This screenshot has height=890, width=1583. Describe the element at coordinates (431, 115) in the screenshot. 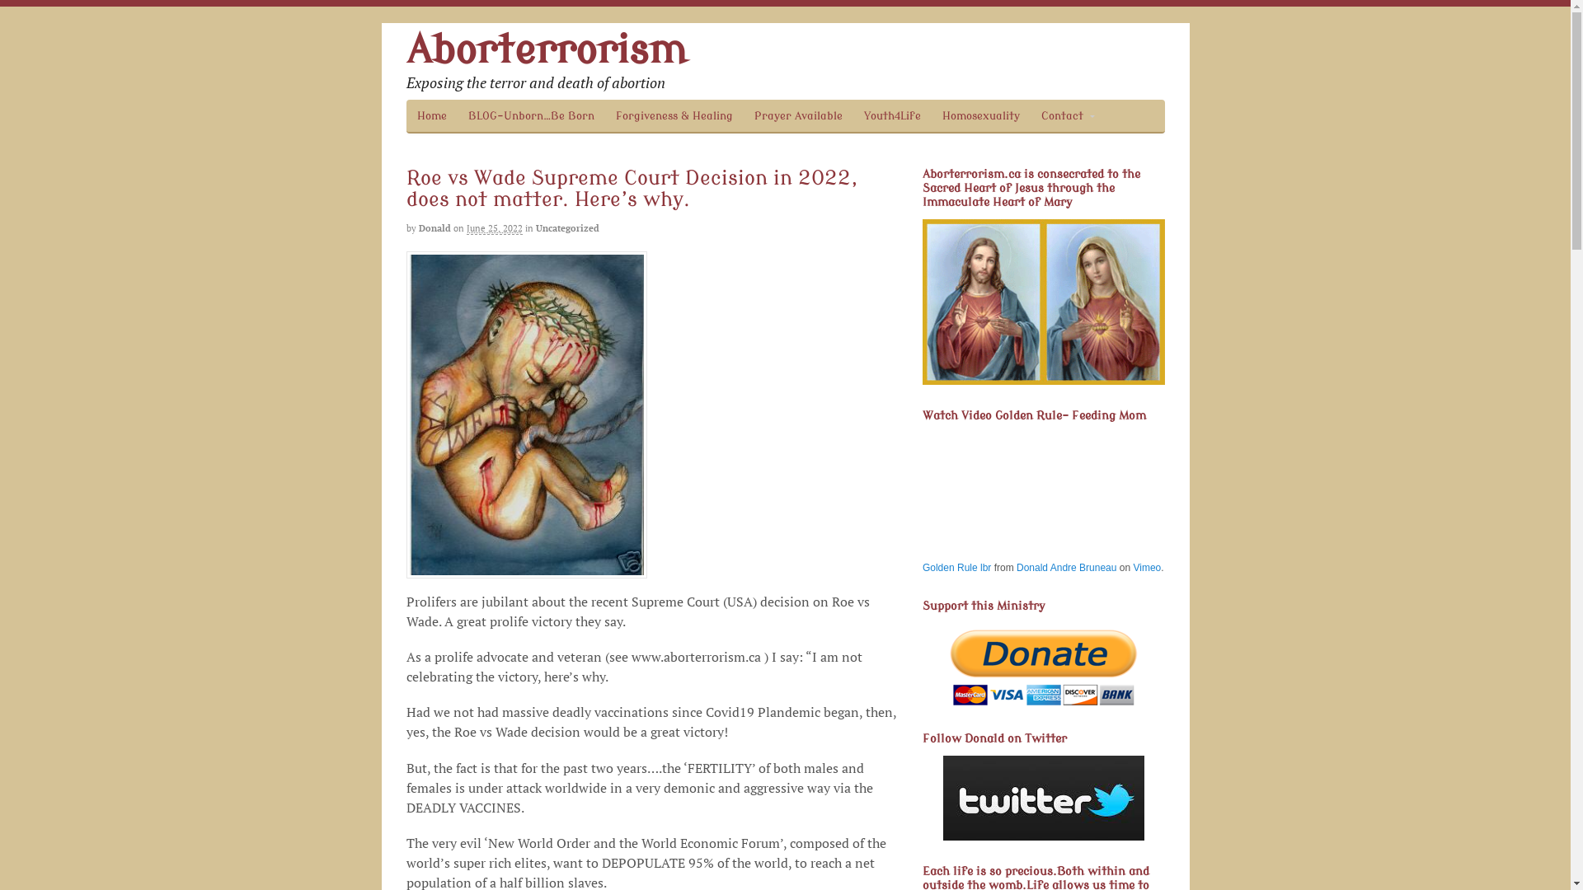

I see `'Home'` at that location.